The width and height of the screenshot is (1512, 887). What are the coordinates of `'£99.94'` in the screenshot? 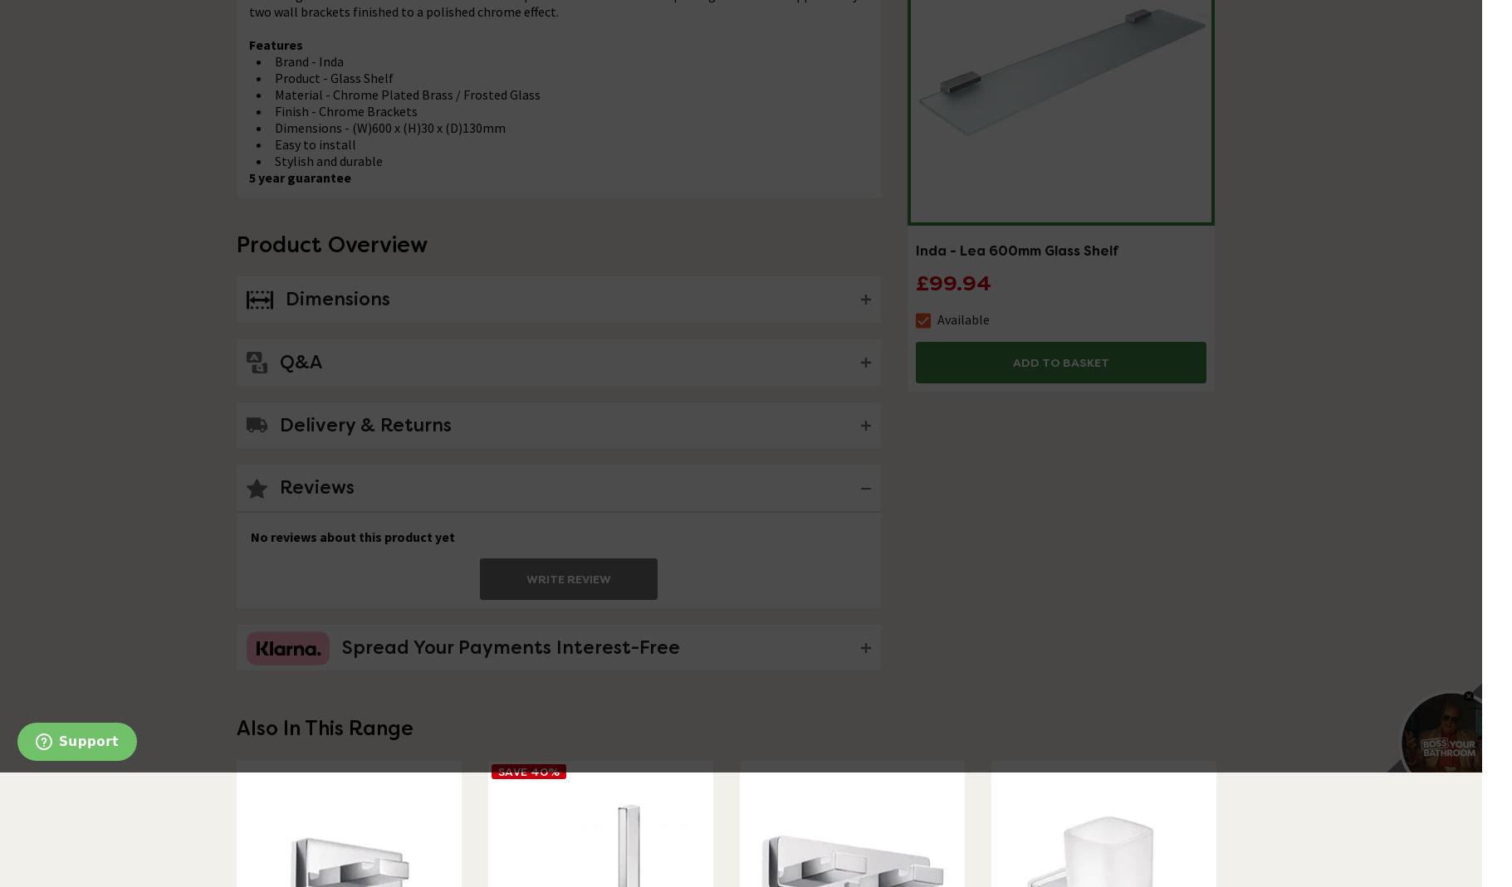 It's located at (953, 283).